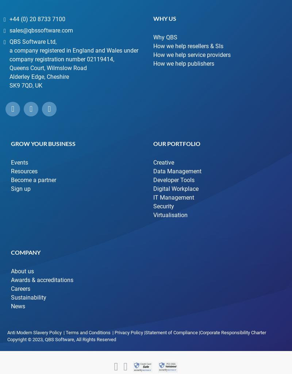  I want to click on 'How we help service providers', so click(153, 54).